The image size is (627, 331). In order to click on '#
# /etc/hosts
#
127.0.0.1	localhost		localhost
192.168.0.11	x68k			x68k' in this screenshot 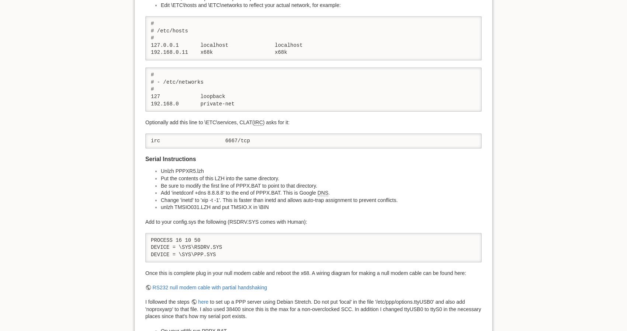, I will do `click(226, 38)`.